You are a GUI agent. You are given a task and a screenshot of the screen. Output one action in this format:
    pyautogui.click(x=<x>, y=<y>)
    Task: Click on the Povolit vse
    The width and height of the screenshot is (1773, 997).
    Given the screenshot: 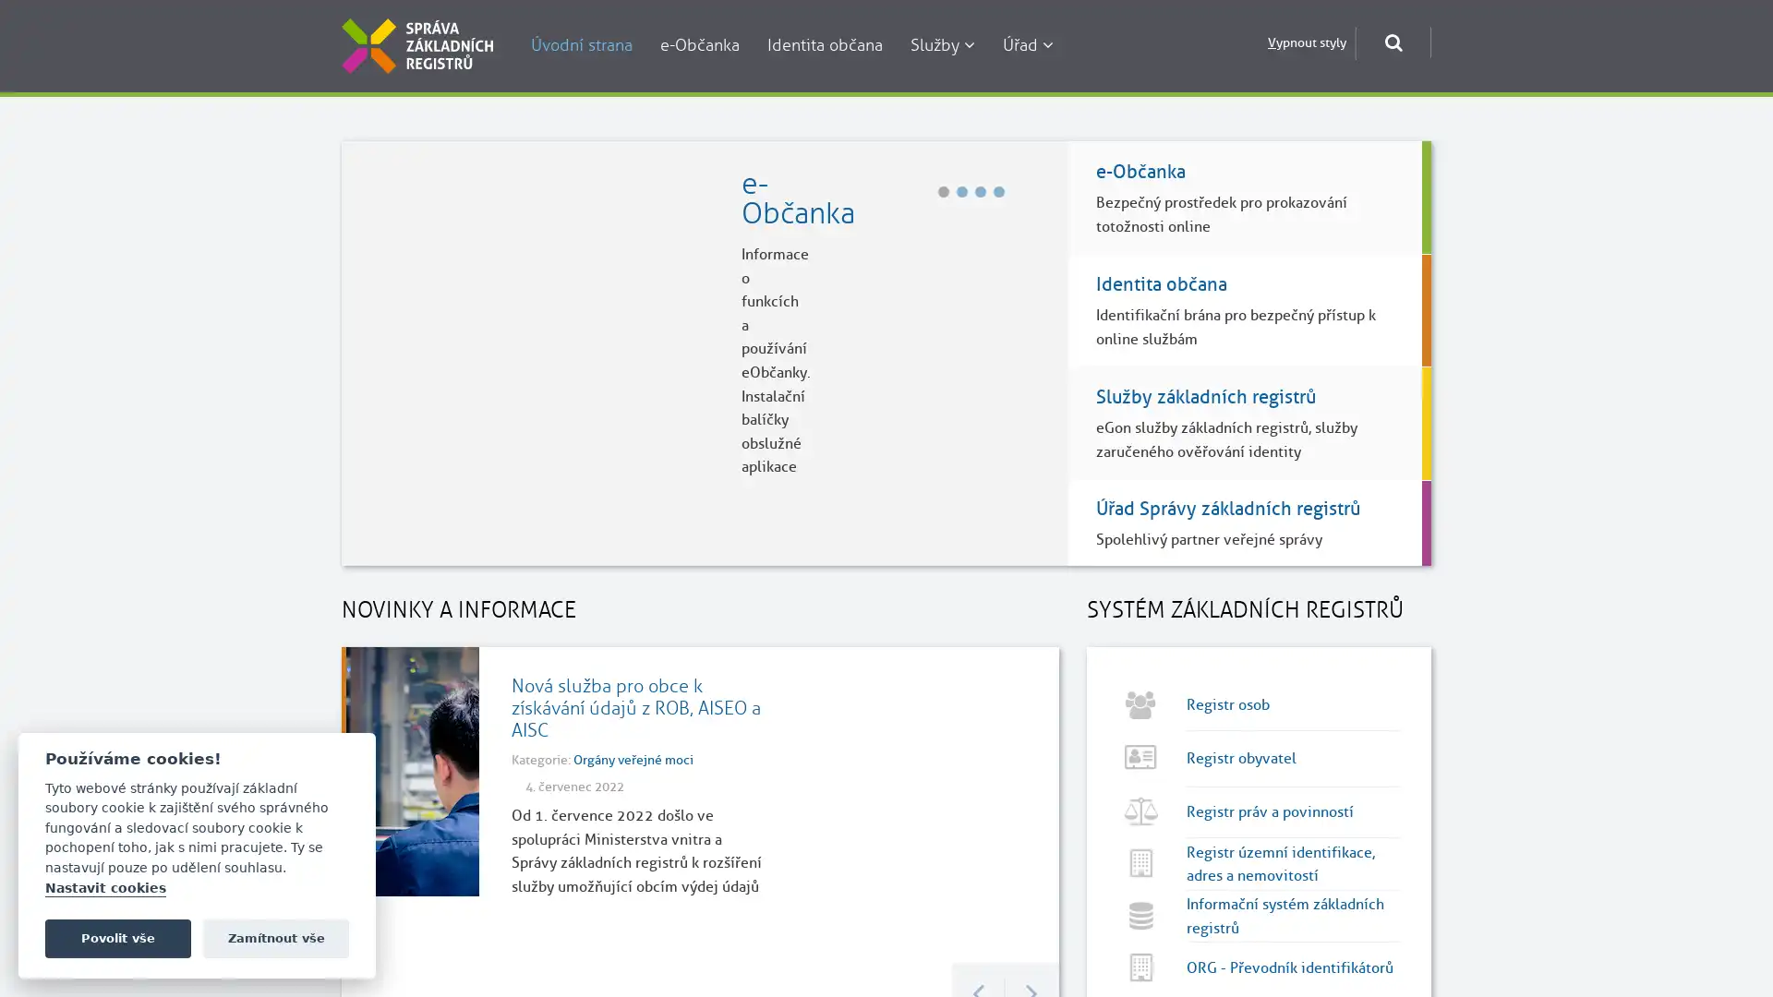 What is the action you would take?
    pyautogui.click(x=116, y=937)
    